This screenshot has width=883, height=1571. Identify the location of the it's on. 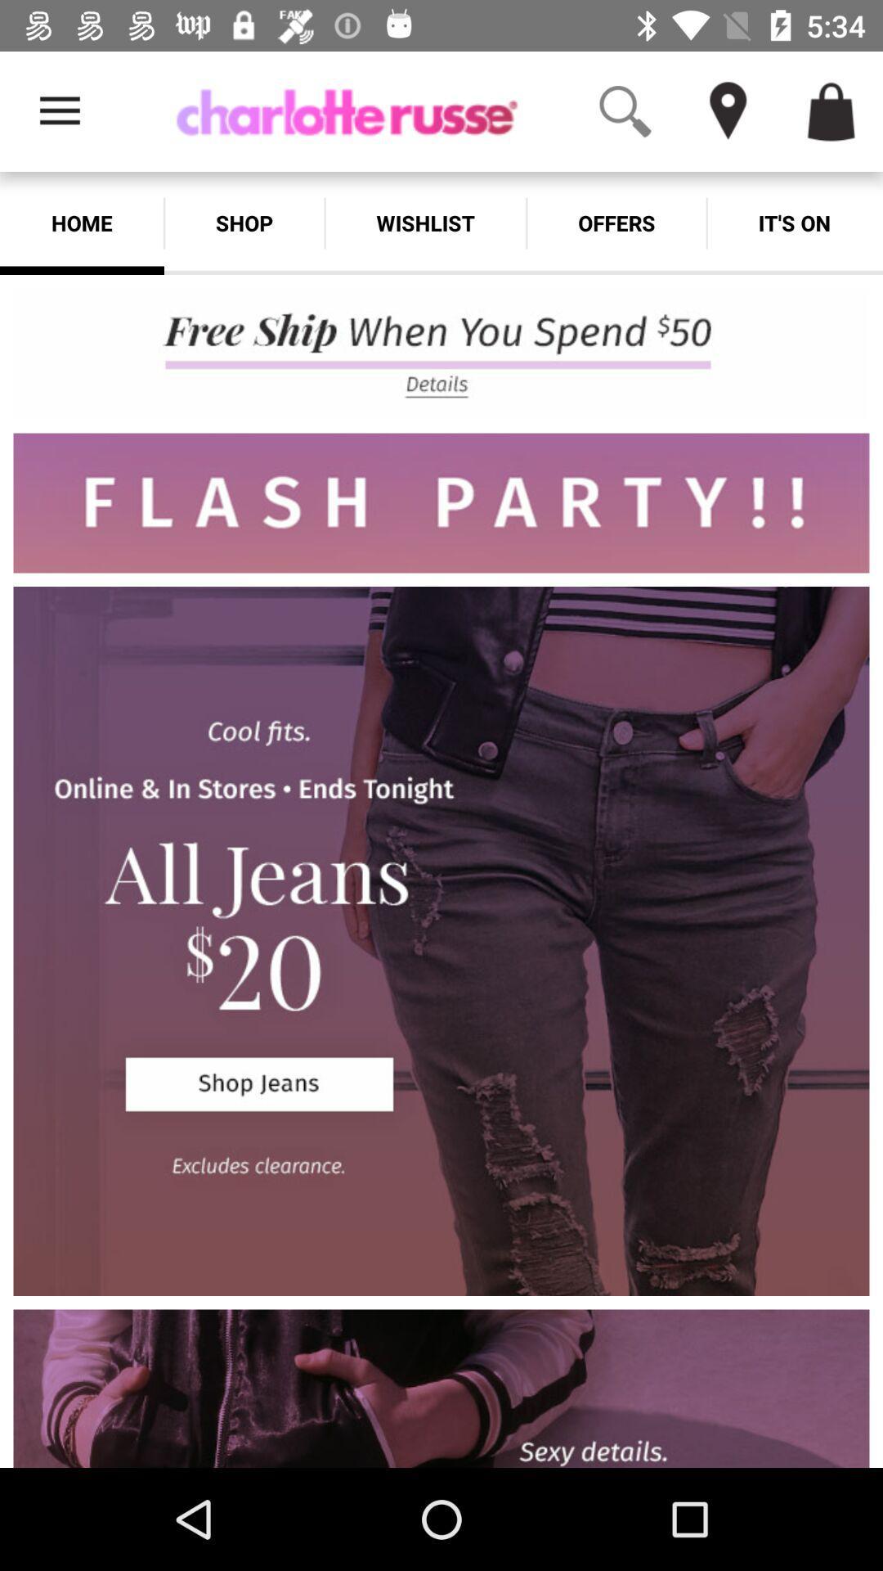
(794, 223).